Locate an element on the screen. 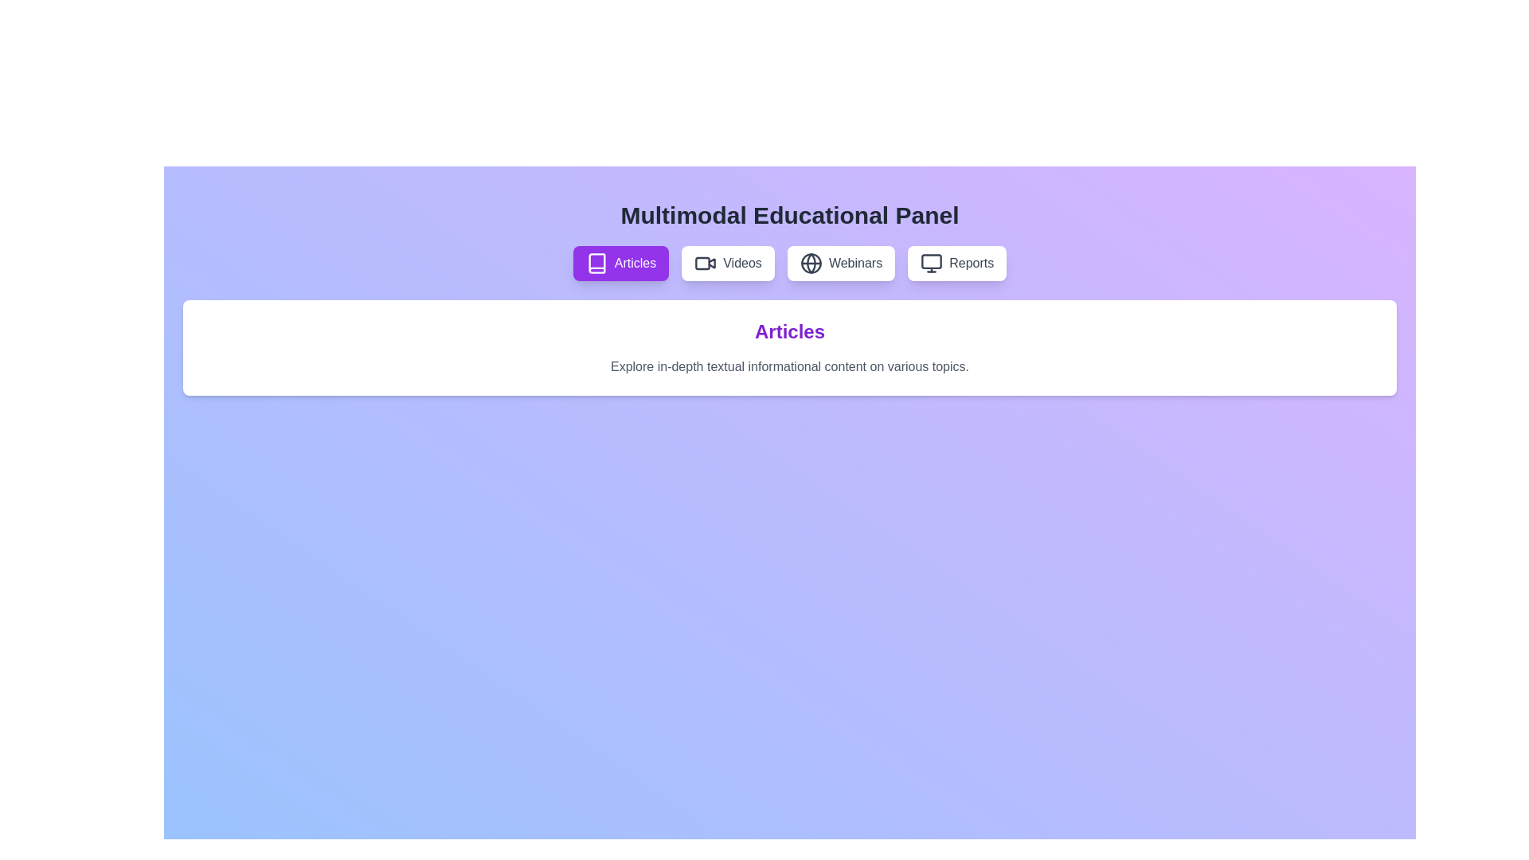 The height and width of the screenshot is (860, 1529). the 'Reports' button, which is styled with a white background, rounded corners, and contains a computer monitor icon on the left side of the text in gray typography is located at coordinates (956, 263).